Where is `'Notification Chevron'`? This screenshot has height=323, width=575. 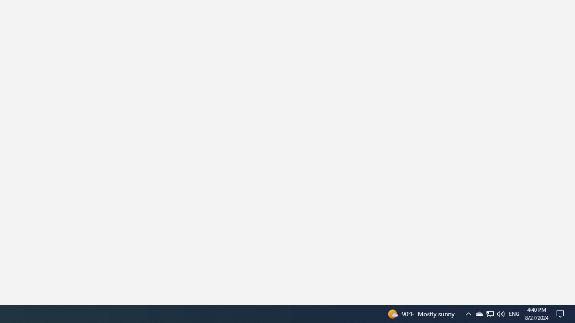
'Notification Chevron' is located at coordinates (490, 313).